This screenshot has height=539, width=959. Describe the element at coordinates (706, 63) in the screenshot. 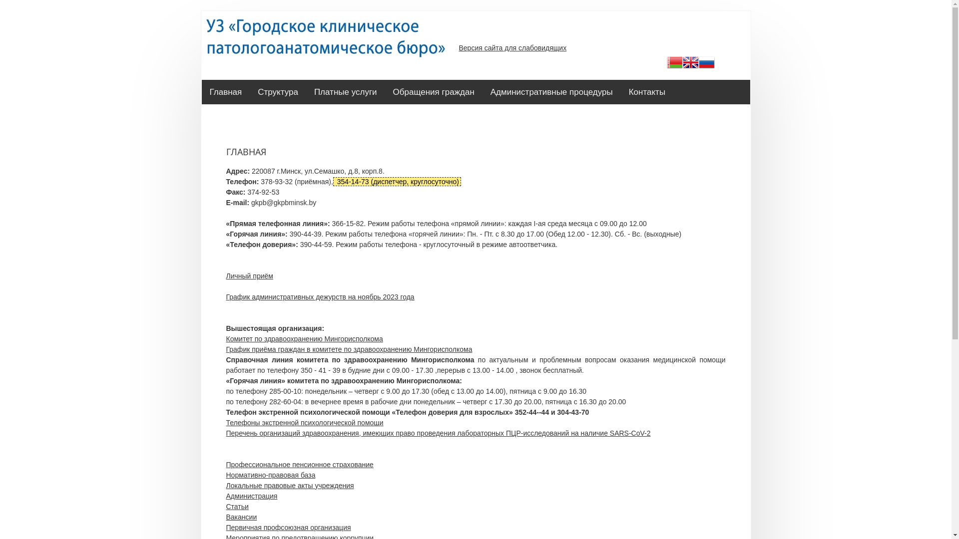

I see `'Russian'` at that location.